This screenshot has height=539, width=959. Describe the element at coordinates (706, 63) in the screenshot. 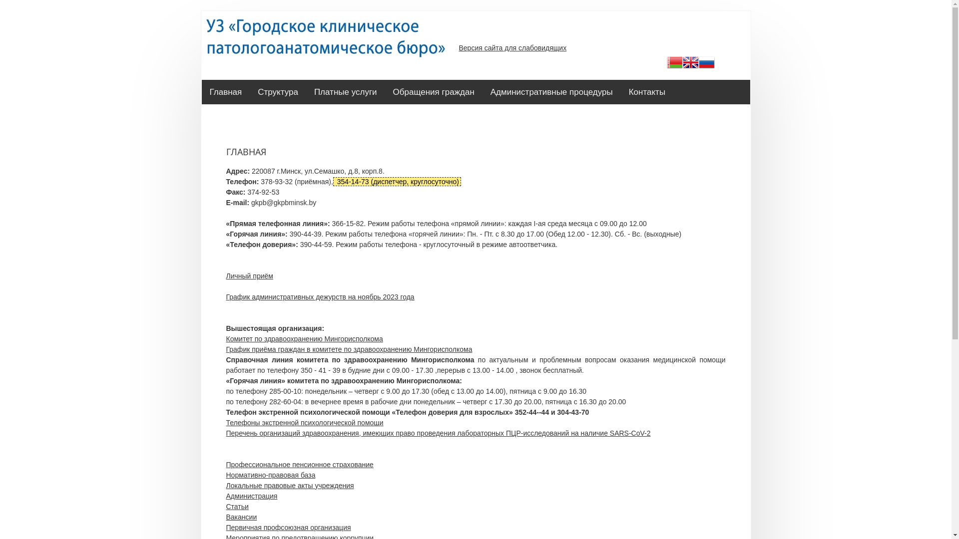

I see `'Russian'` at that location.